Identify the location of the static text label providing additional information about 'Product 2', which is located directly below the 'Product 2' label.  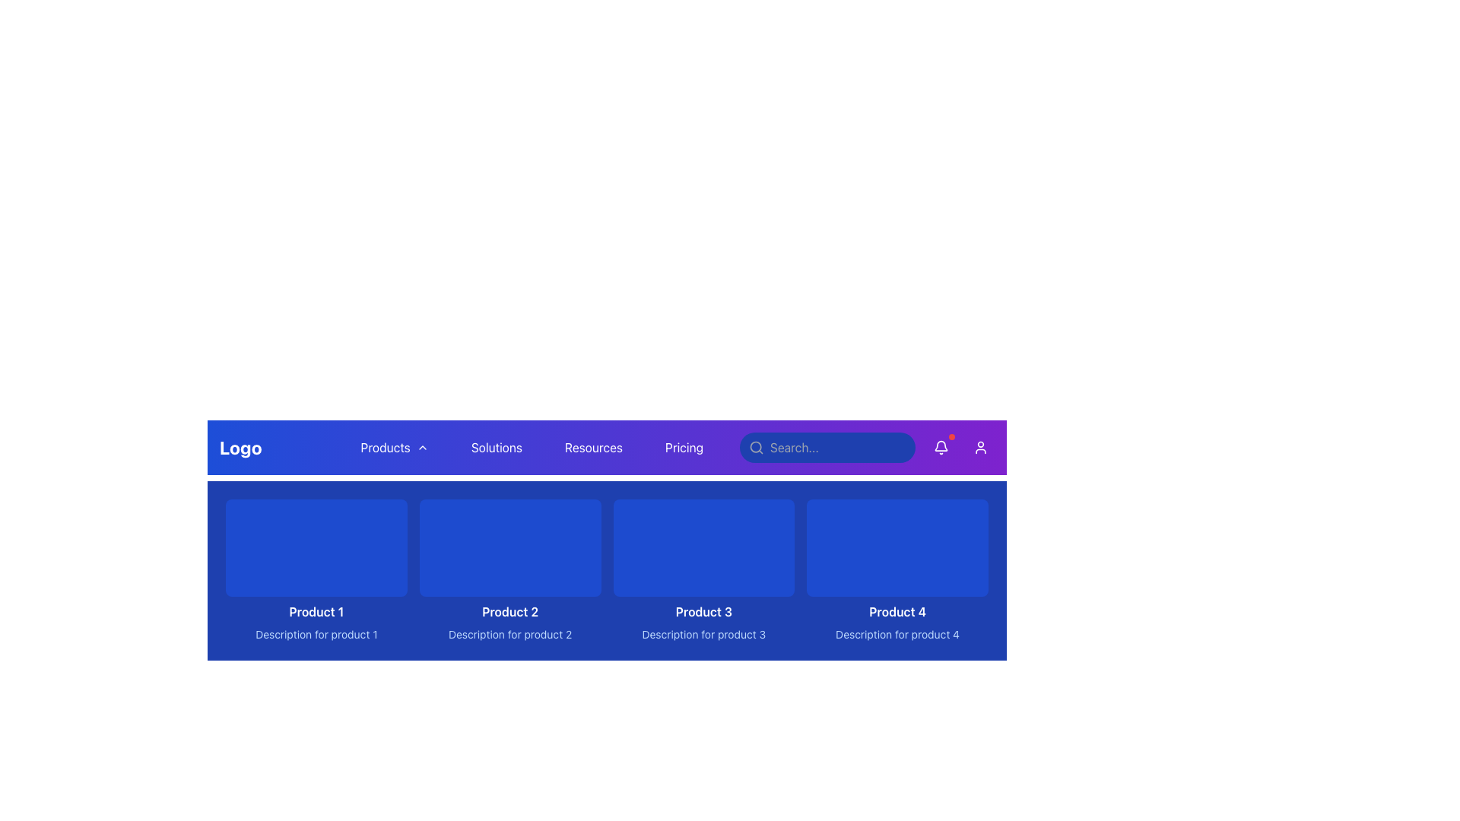
(510, 634).